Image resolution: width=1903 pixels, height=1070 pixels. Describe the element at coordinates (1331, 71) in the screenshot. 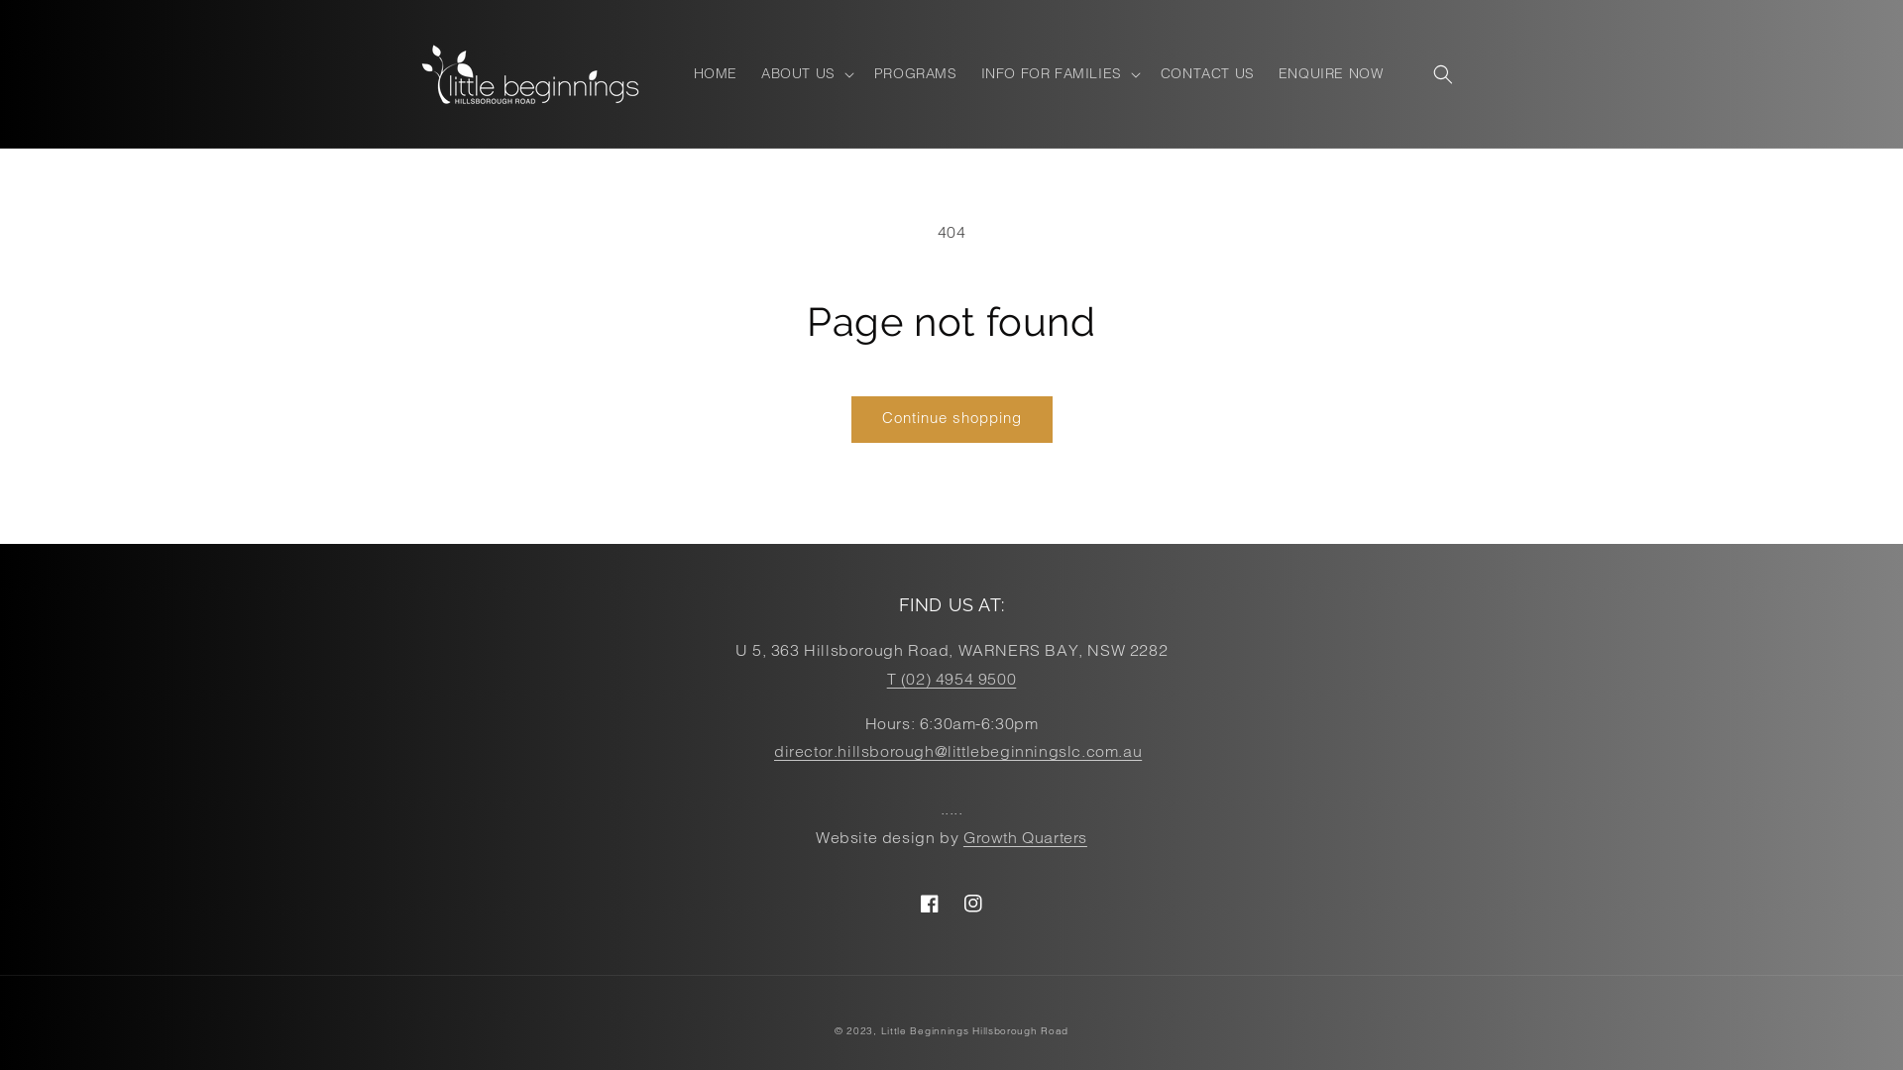

I see `'ENQUIRE NOW'` at that location.